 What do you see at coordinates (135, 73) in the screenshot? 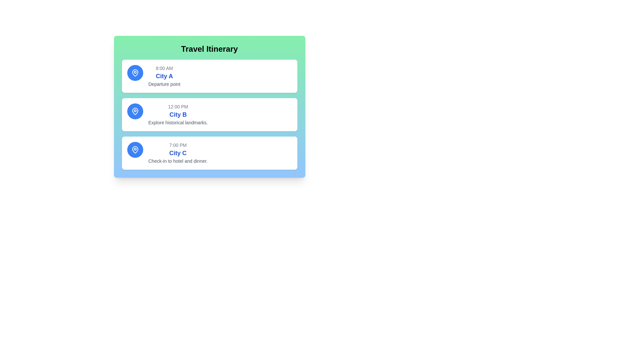
I see `the blue circular icon with a white pin symbol inside the first travel itinerary card labeled 'City A' at 8:00 AM` at bounding box center [135, 73].